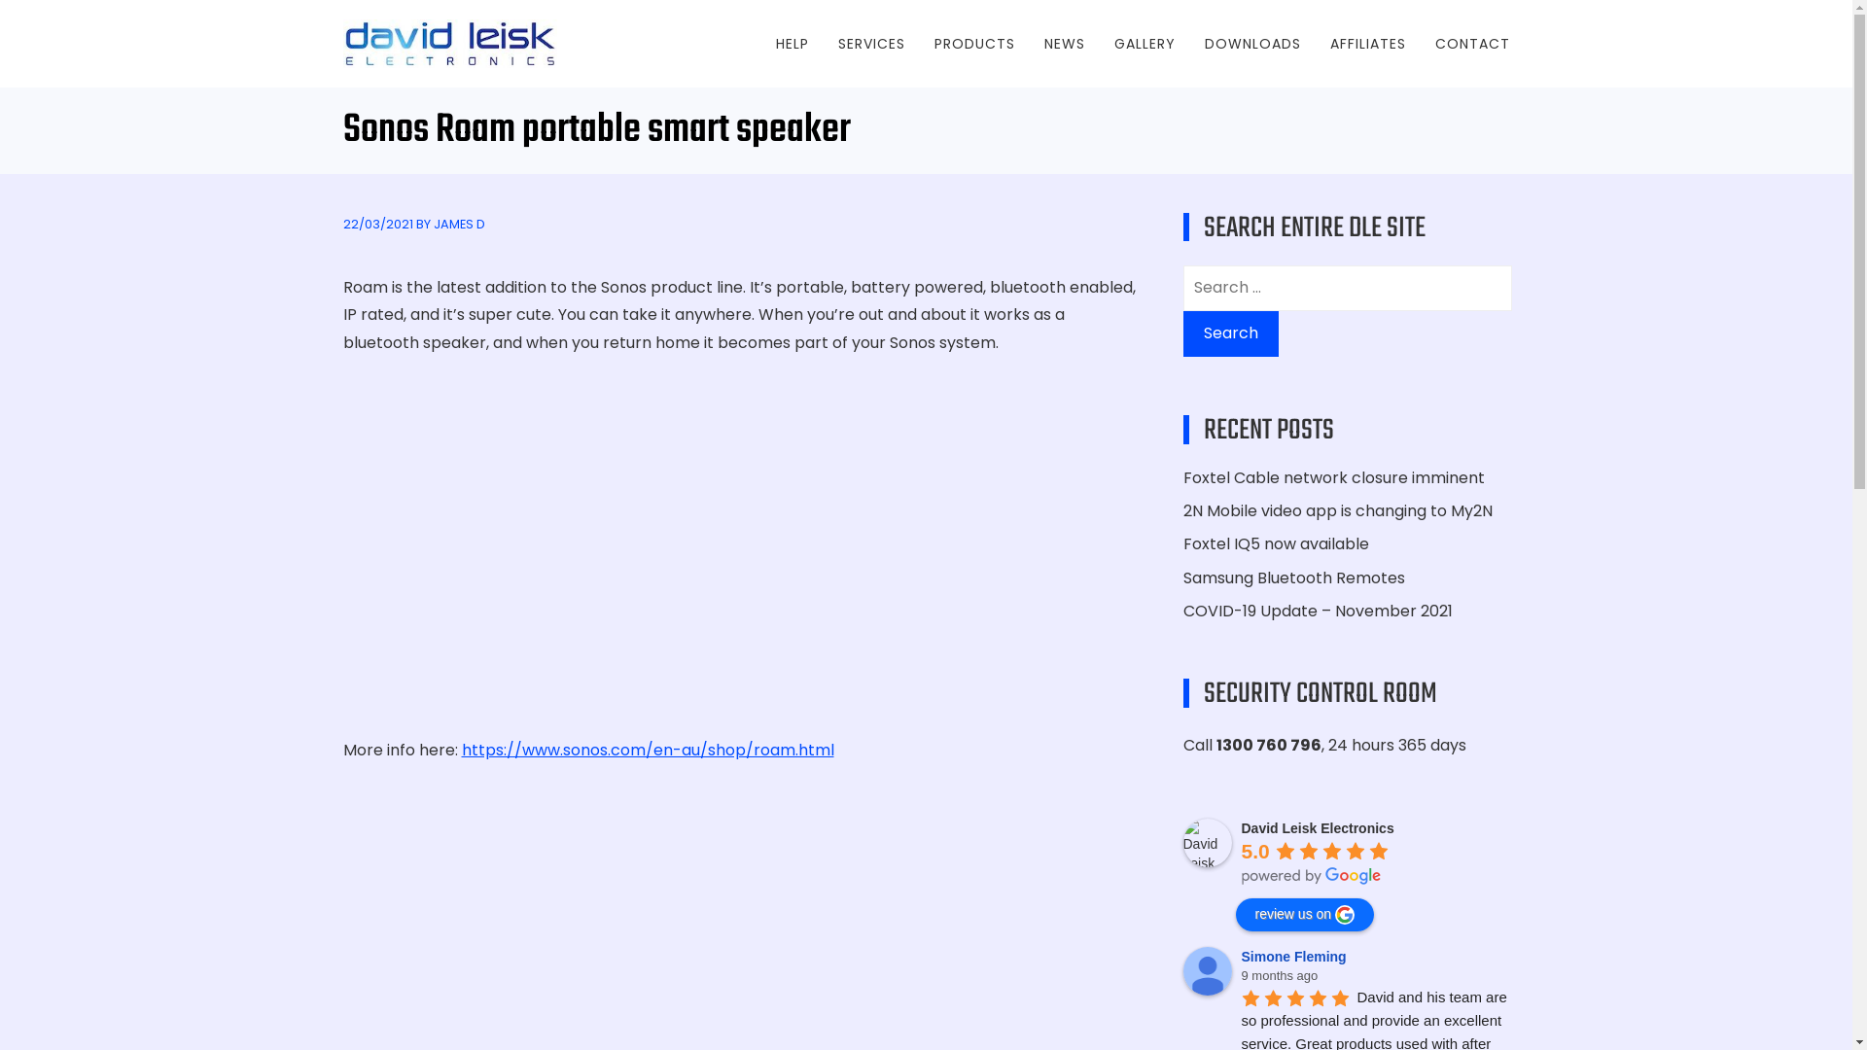  What do you see at coordinates (1366, 44) in the screenshot?
I see `'AFFILIATES'` at bounding box center [1366, 44].